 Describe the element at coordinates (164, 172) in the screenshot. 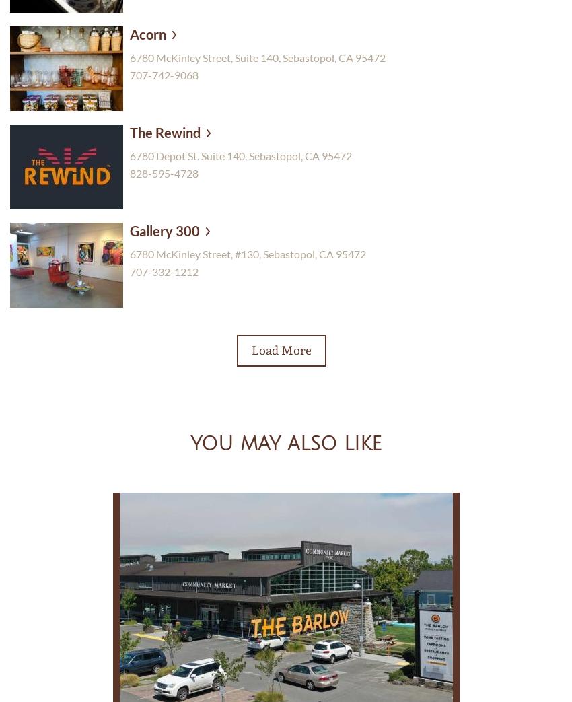

I see `'828-595-4728'` at that location.